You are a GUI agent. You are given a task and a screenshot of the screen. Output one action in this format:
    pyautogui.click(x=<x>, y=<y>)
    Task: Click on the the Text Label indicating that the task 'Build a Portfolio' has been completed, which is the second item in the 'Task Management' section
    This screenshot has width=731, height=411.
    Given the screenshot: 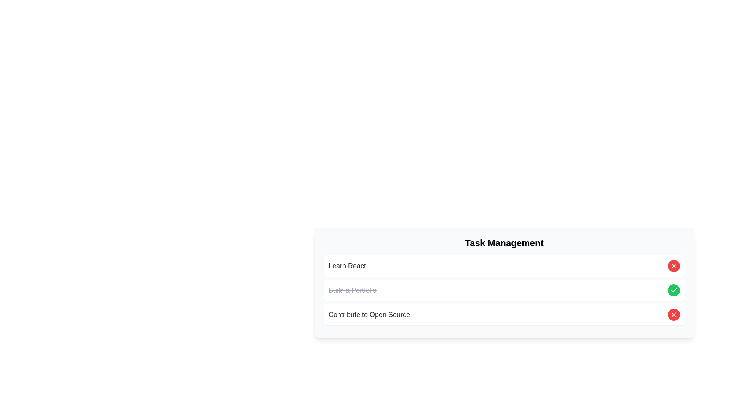 What is the action you would take?
    pyautogui.click(x=352, y=290)
    